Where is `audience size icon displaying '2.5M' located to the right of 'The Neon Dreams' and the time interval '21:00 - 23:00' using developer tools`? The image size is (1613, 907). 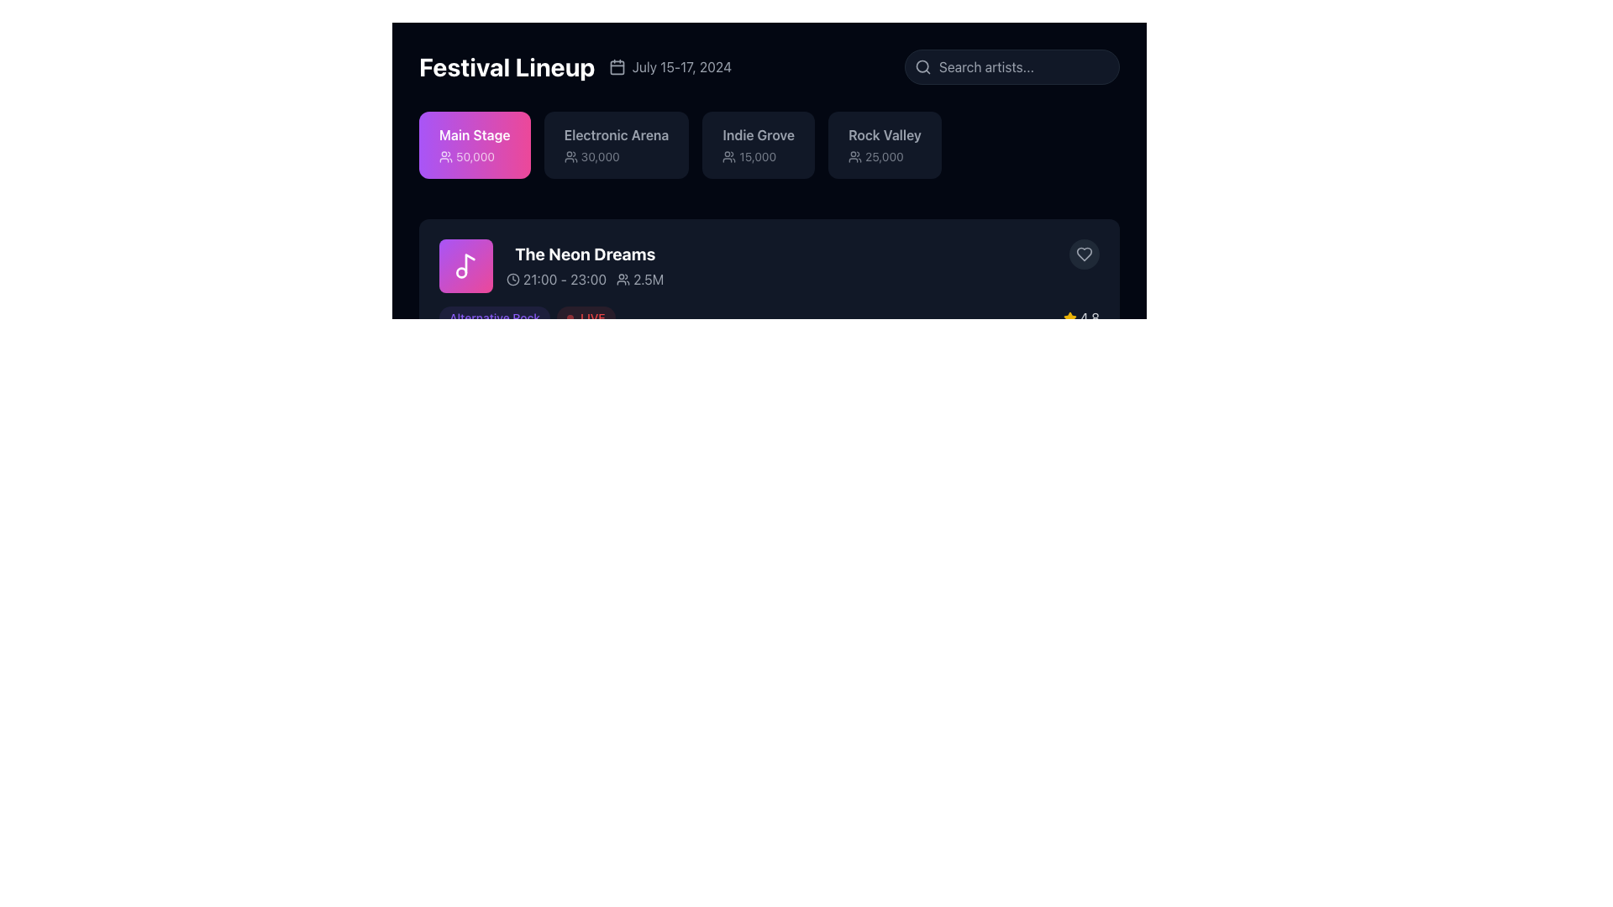 audience size icon displaying '2.5M' located to the right of 'The Neon Dreams' and the time interval '21:00 - 23:00' using developer tools is located at coordinates (623, 278).